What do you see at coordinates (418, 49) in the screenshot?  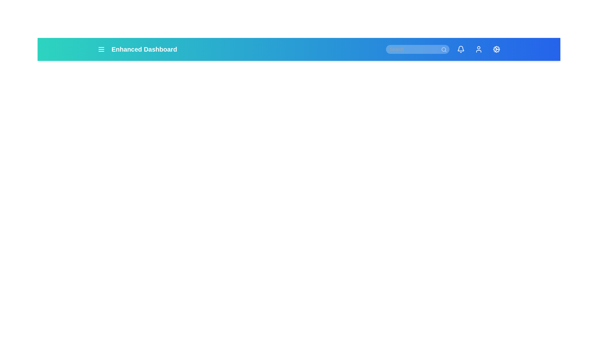 I see `the search input field and type the query 'example query'` at bounding box center [418, 49].